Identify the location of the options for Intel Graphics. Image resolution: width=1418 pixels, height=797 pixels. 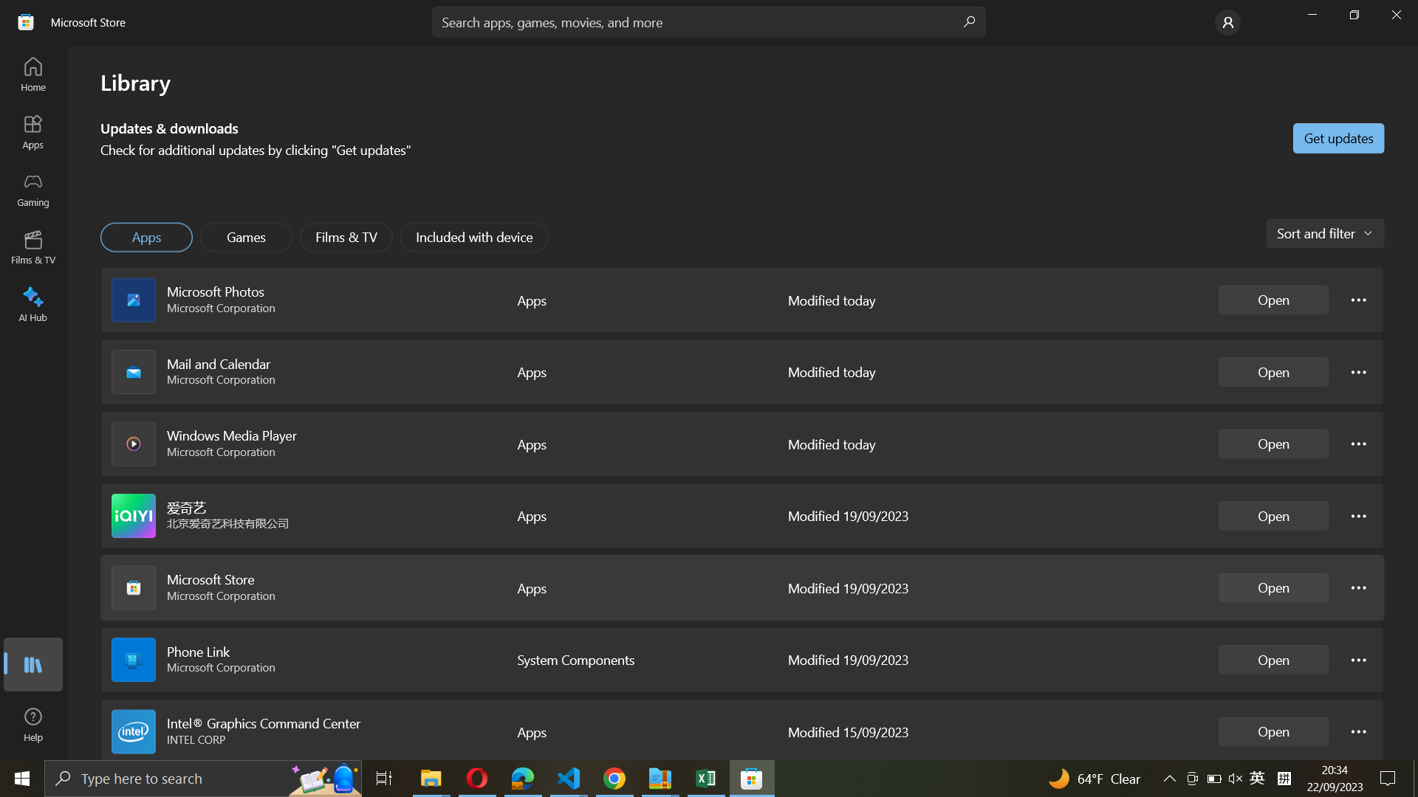
(1358, 731).